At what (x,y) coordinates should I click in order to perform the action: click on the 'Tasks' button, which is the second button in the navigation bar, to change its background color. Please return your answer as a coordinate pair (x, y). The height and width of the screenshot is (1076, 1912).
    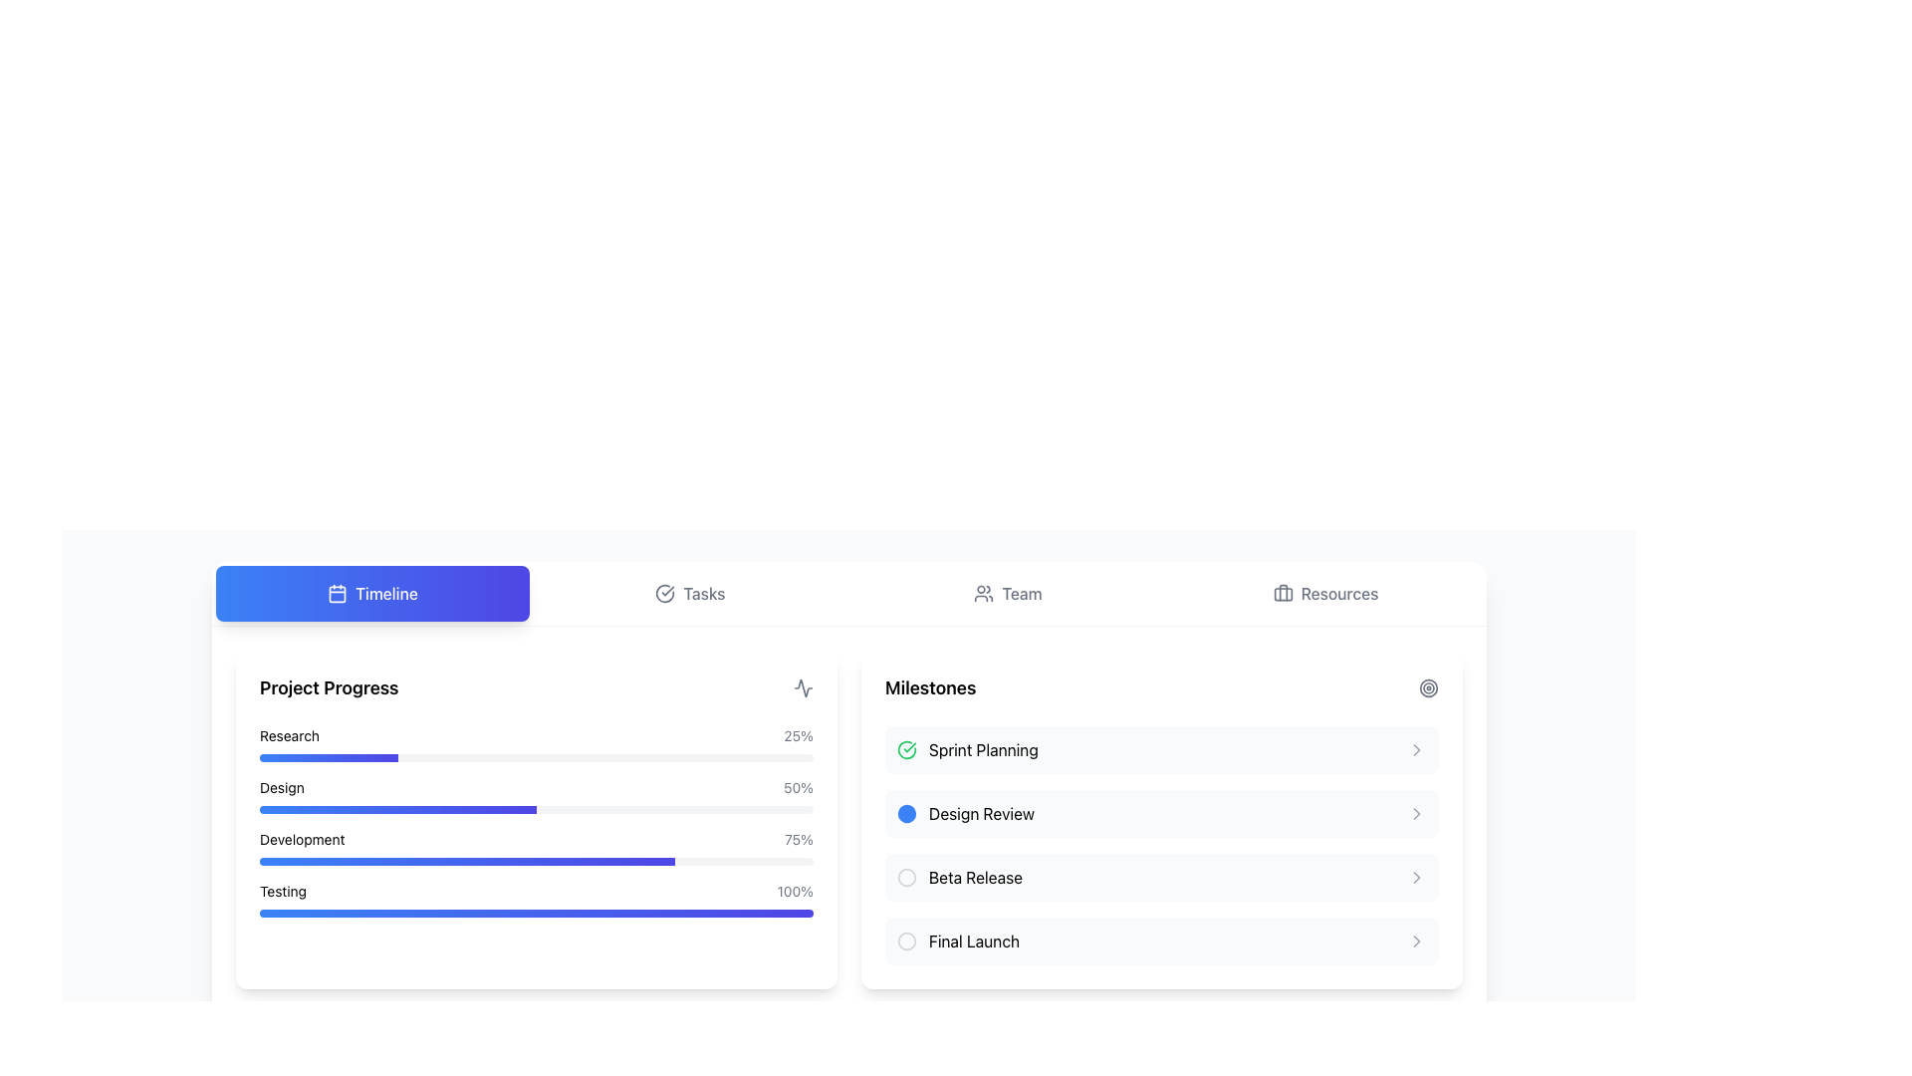
    Looking at the image, I should click on (690, 593).